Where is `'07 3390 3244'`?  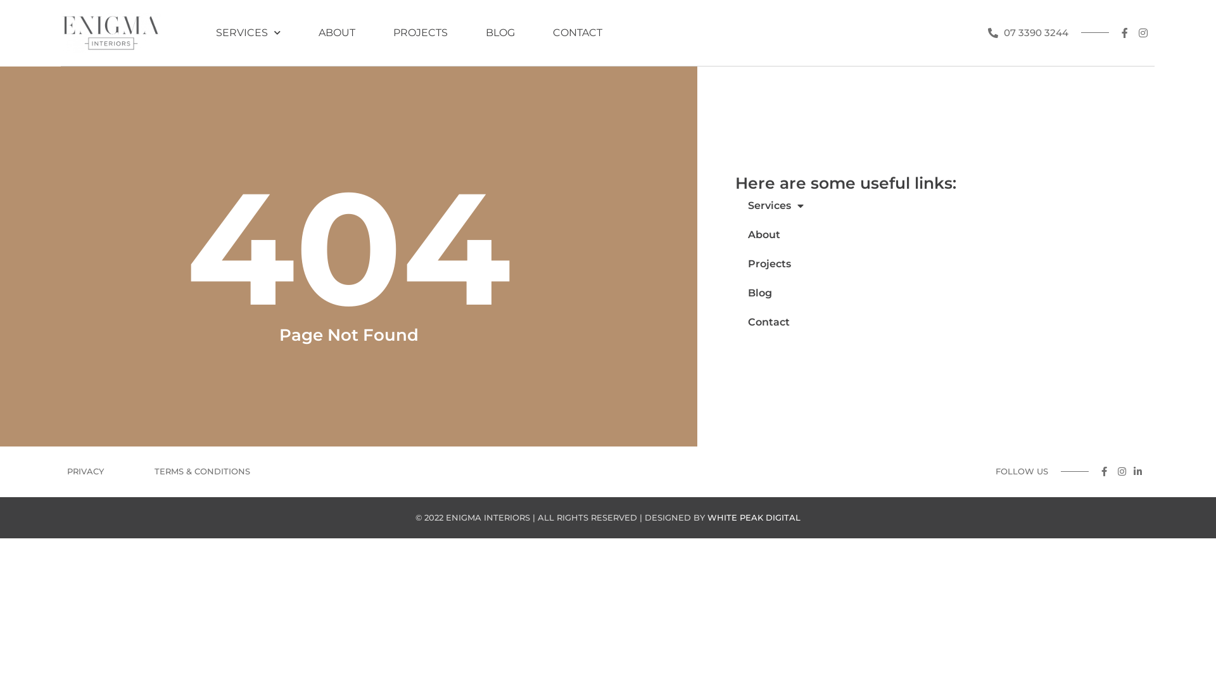
'07 3390 3244' is located at coordinates (1028, 32).